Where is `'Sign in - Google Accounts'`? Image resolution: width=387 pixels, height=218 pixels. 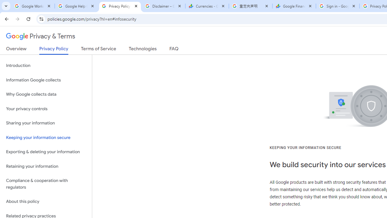
'Sign in - Google Accounts' is located at coordinates (337, 6).